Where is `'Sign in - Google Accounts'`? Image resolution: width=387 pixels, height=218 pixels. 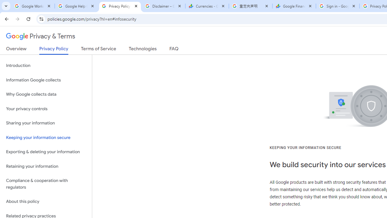
'Sign in - Google Accounts' is located at coordinates (337, 6).